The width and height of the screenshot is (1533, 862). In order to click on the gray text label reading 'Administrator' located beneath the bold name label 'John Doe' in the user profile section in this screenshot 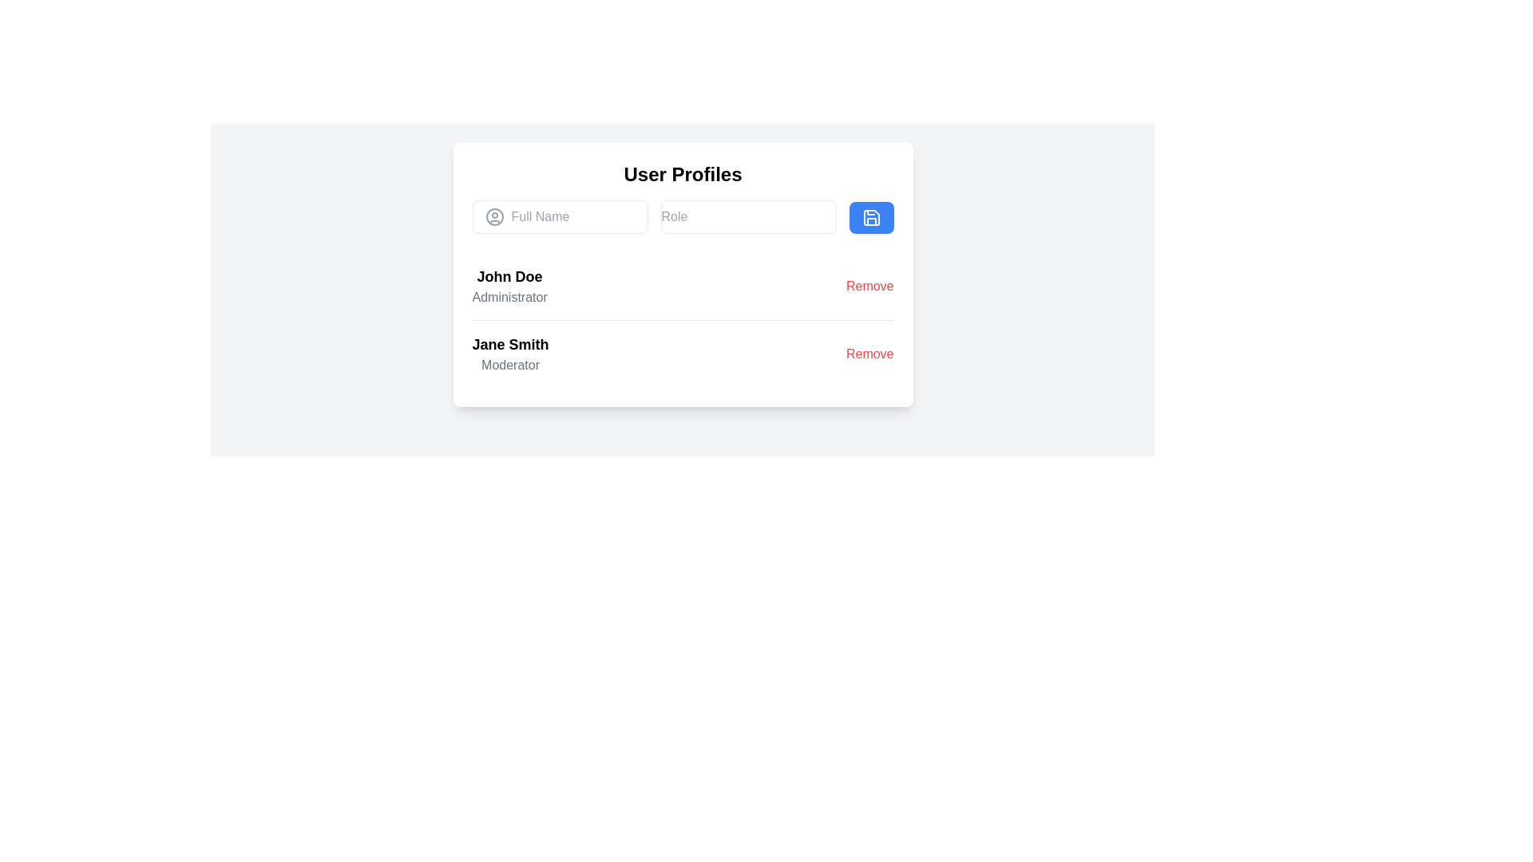, I will do `click(509, 298)`.